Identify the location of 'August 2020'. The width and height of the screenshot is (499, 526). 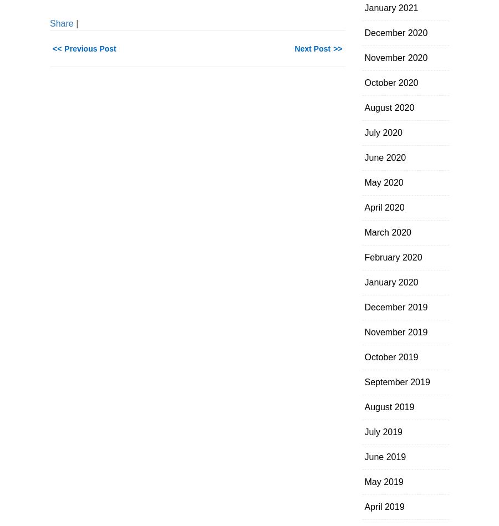
(389, 107).